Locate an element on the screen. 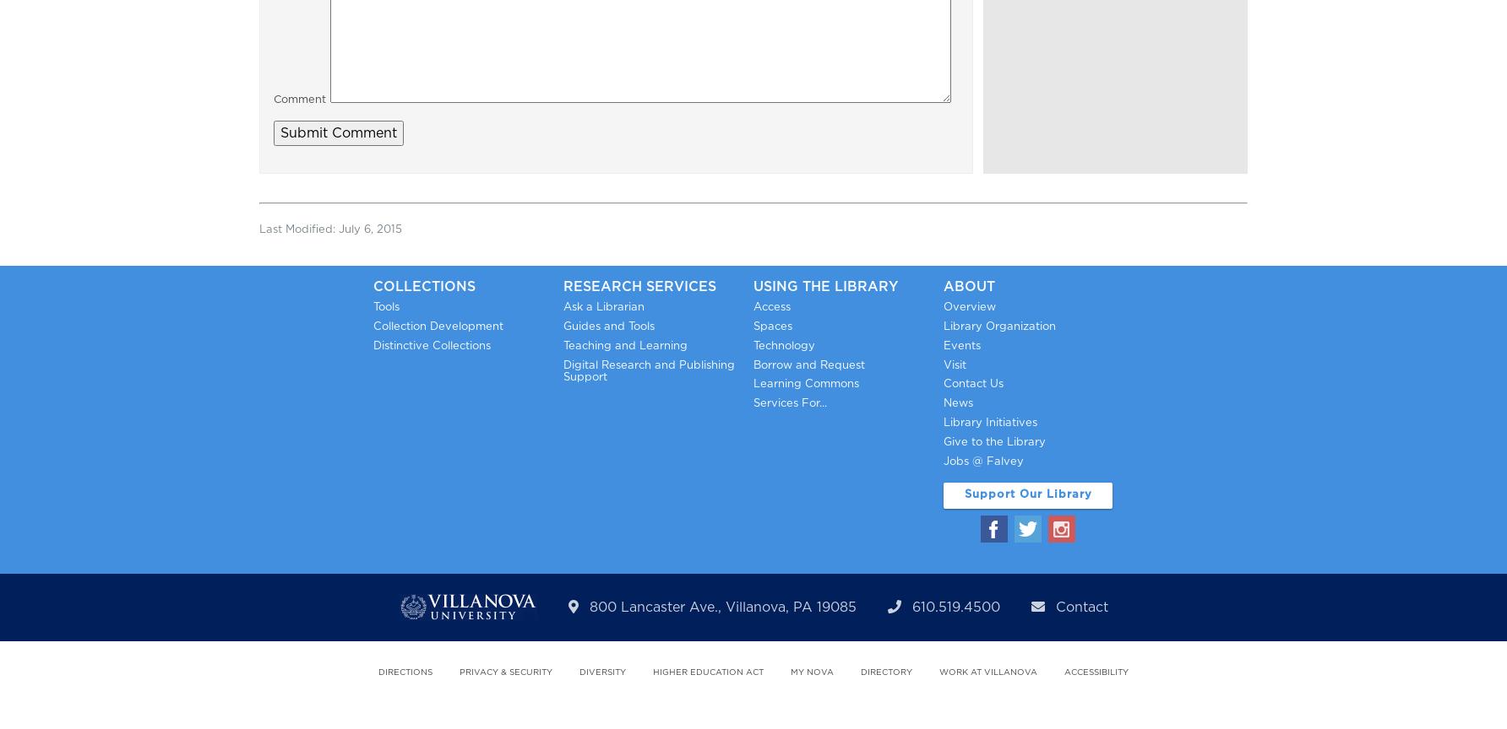  'Overview' is located at coordinates (970, 305).